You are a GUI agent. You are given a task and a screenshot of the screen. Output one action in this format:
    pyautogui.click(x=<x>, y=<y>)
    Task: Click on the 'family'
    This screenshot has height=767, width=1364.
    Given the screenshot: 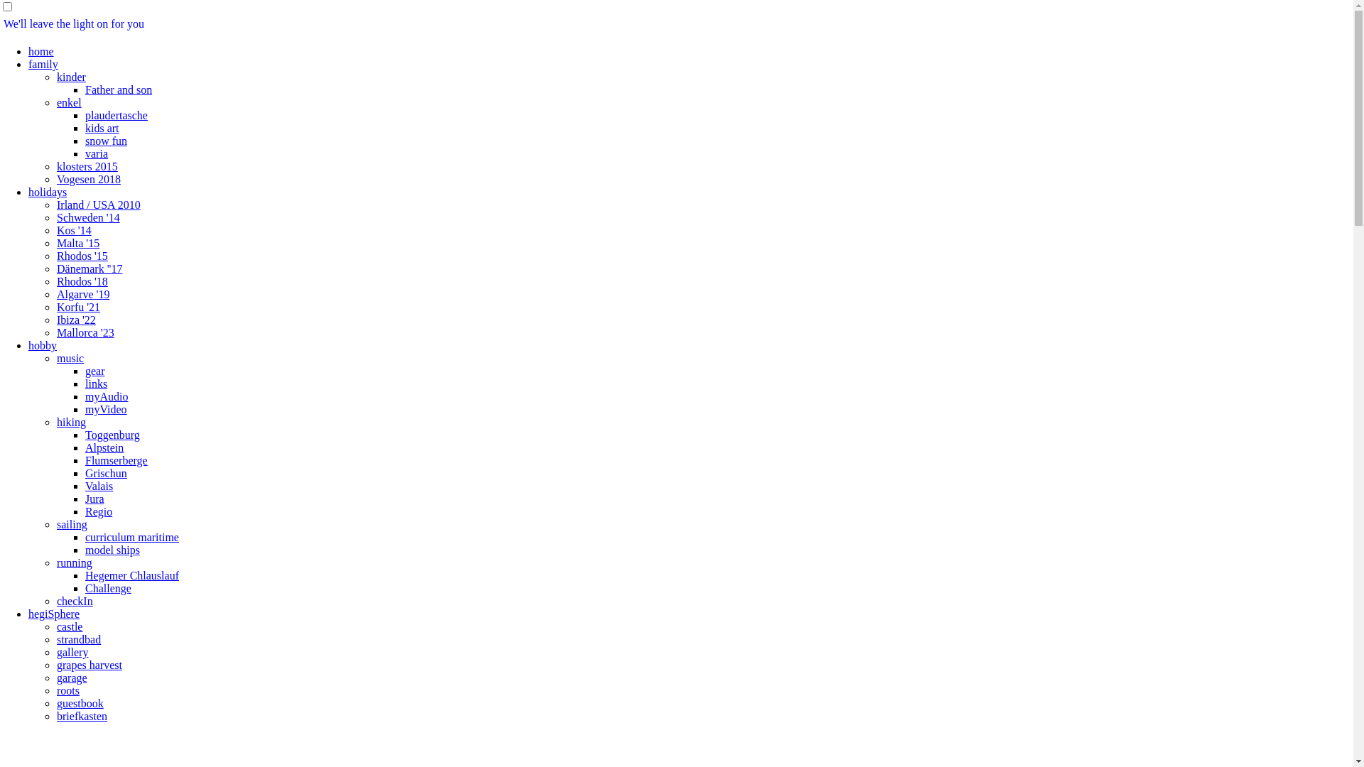 What is the action you would take?
    pyautogui.click(x=43, y=64)
    